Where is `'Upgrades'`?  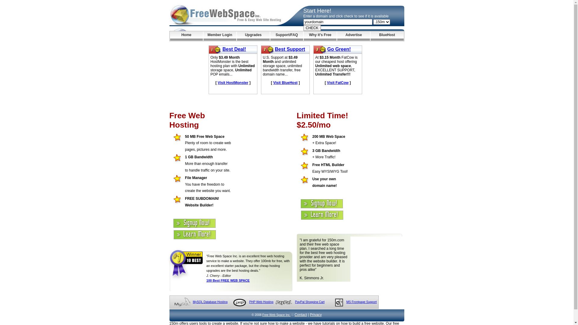
'Upgrades' is located at coordinates (253, 36).